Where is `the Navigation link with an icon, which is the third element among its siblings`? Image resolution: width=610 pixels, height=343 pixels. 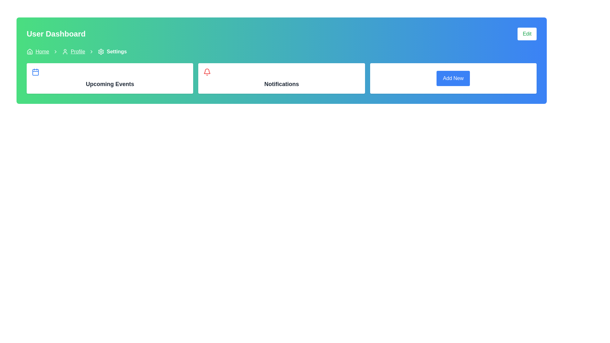
the Navigation link with an icon, which is the third element among its siblings is located at coordinates (112, 51).